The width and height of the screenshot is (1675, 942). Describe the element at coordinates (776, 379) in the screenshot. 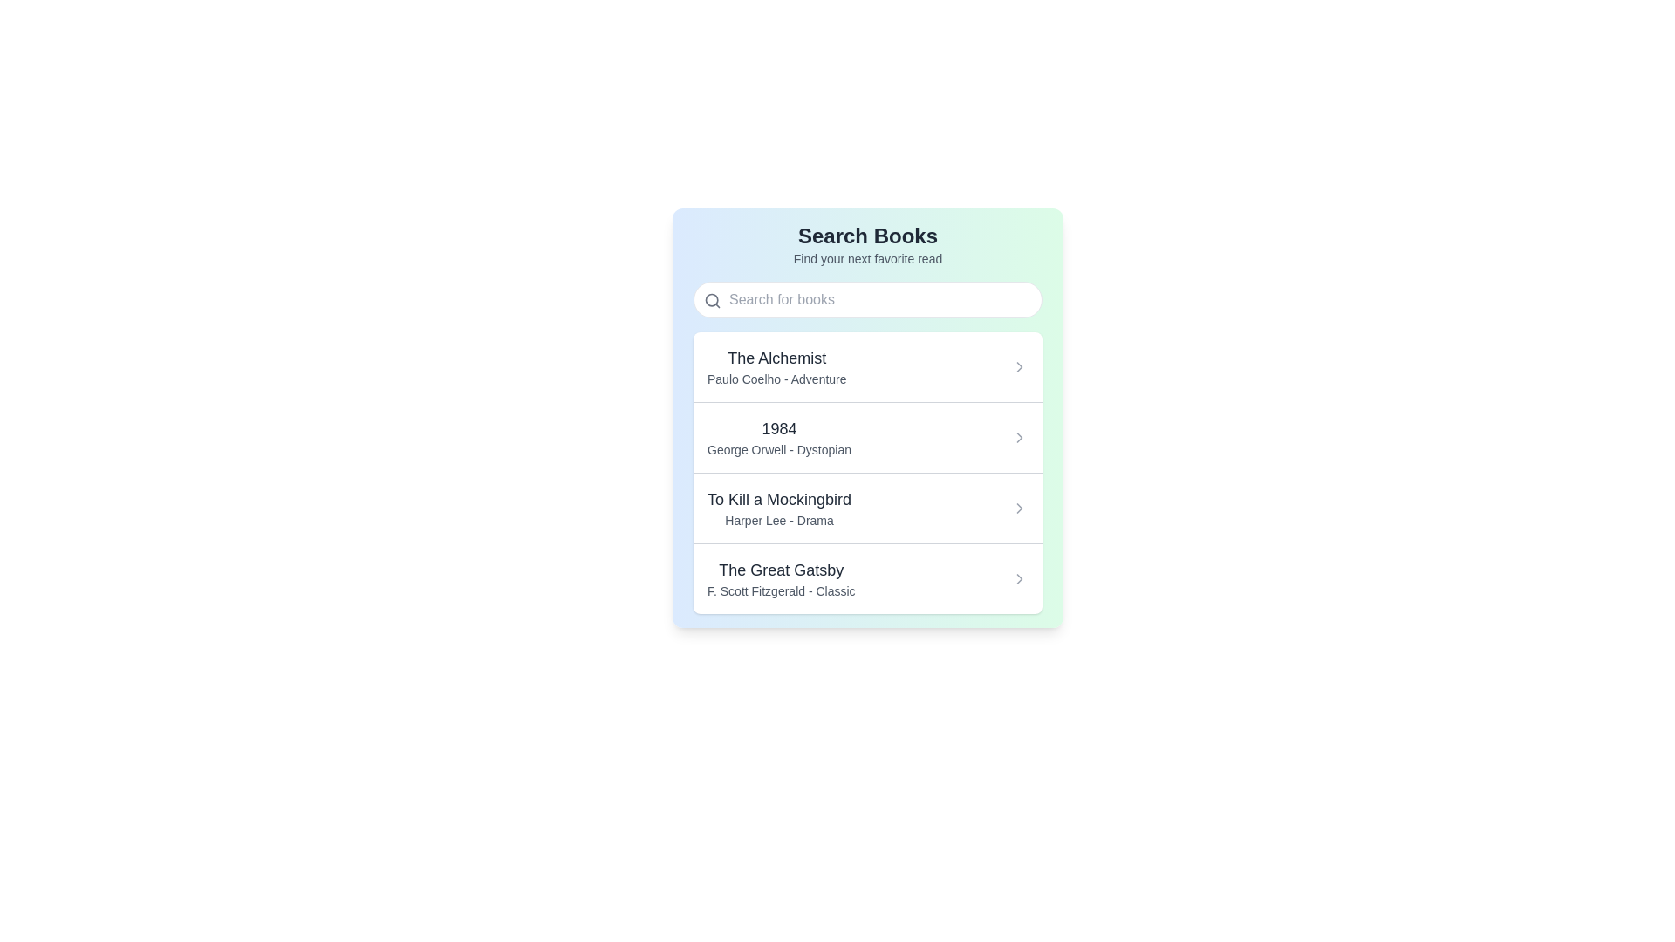

I see `the text label that provides information about the author ('Paulo Coelho') and genre ('Adventure') of the book, positioned below the title 'The Alchemist'` at that location.